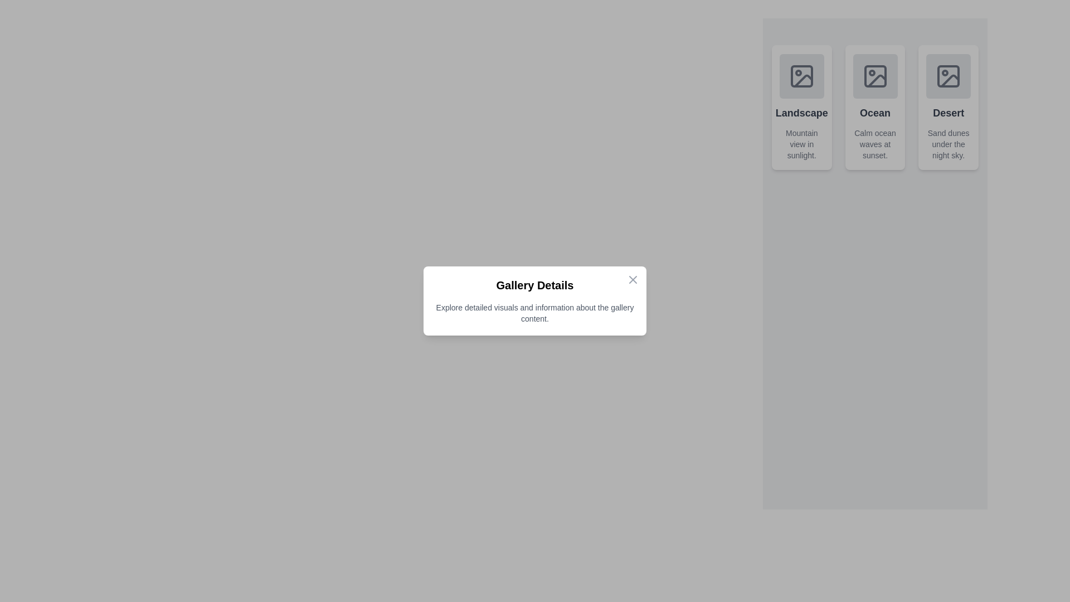  Describe the element at coordinates (874, 107) in the screenshot. I see `the 'Ocean' theme static display card, which is the second card in a row of three, positioned between the 'Landscape' and 'Desert' cards` at that location.